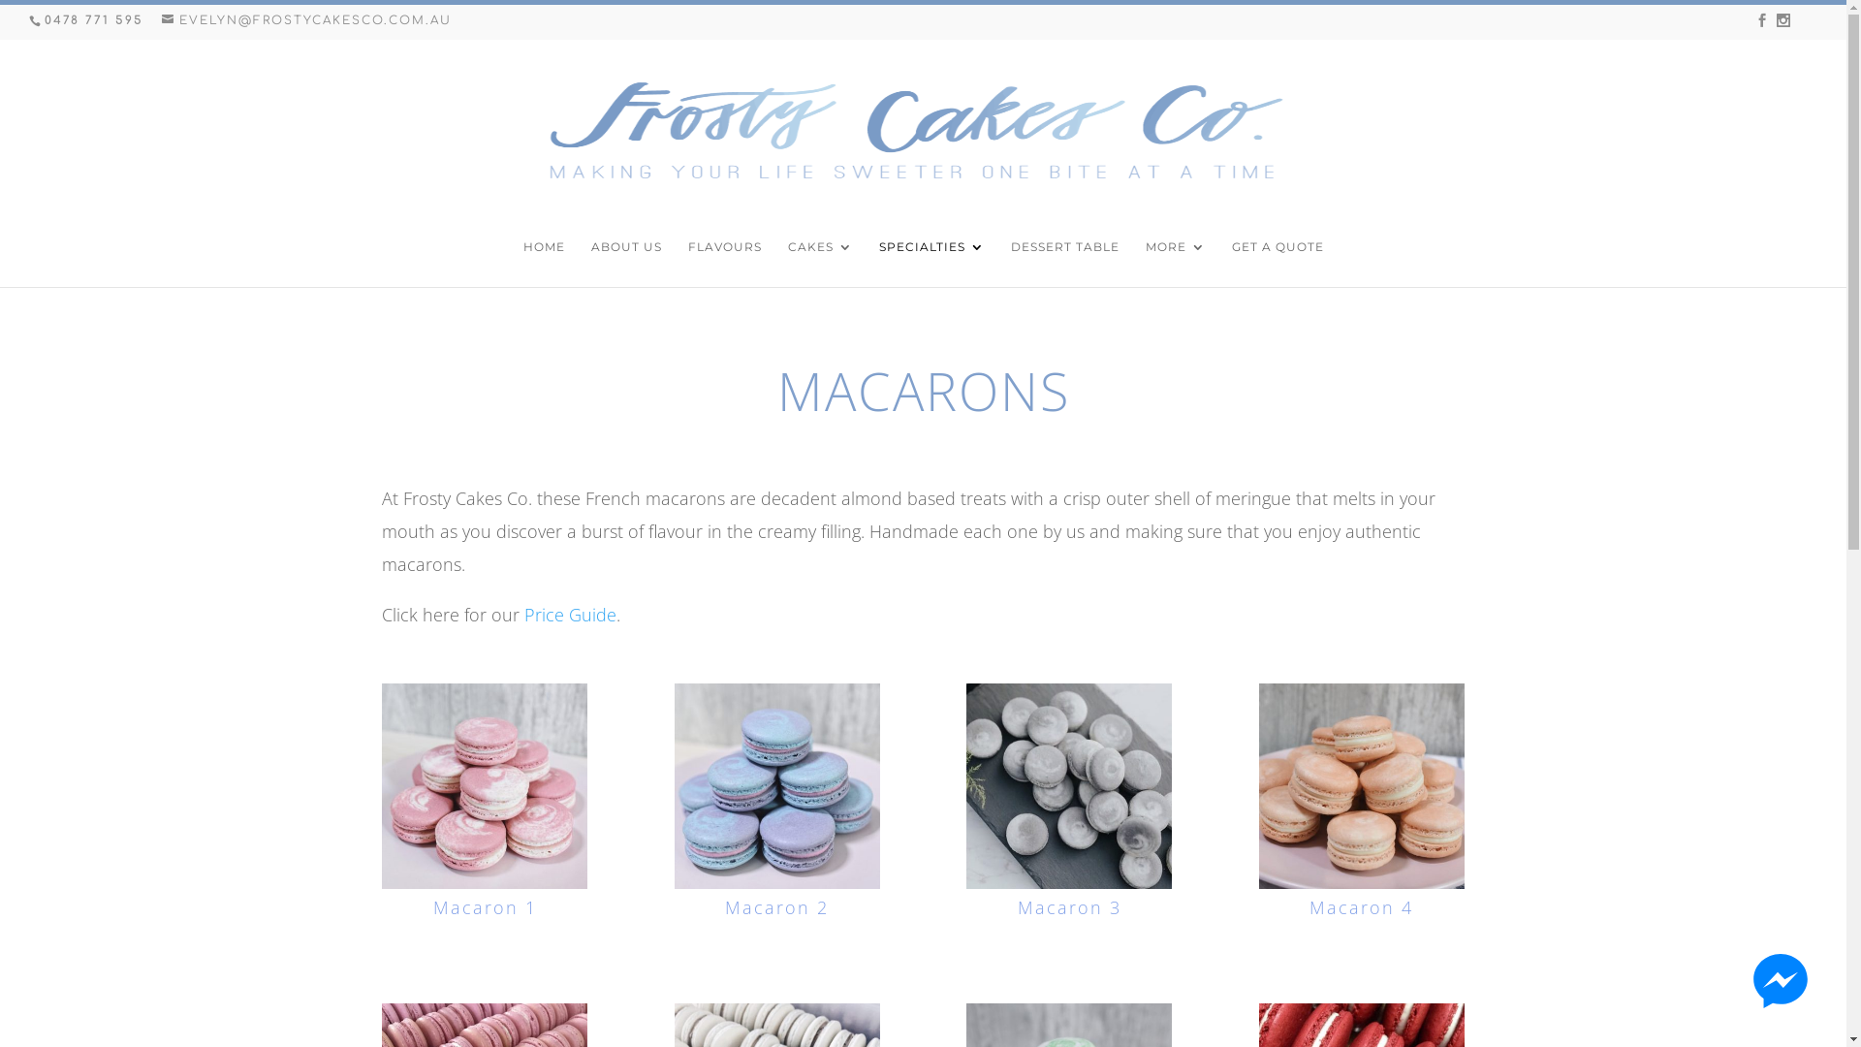 This screenshot has height=1047, width=1861. Describe the element at coordinates (305, 19) in the screenshot. I see `'EVELYN@FROSTYCAKESCO.COM.AU'` at that location.